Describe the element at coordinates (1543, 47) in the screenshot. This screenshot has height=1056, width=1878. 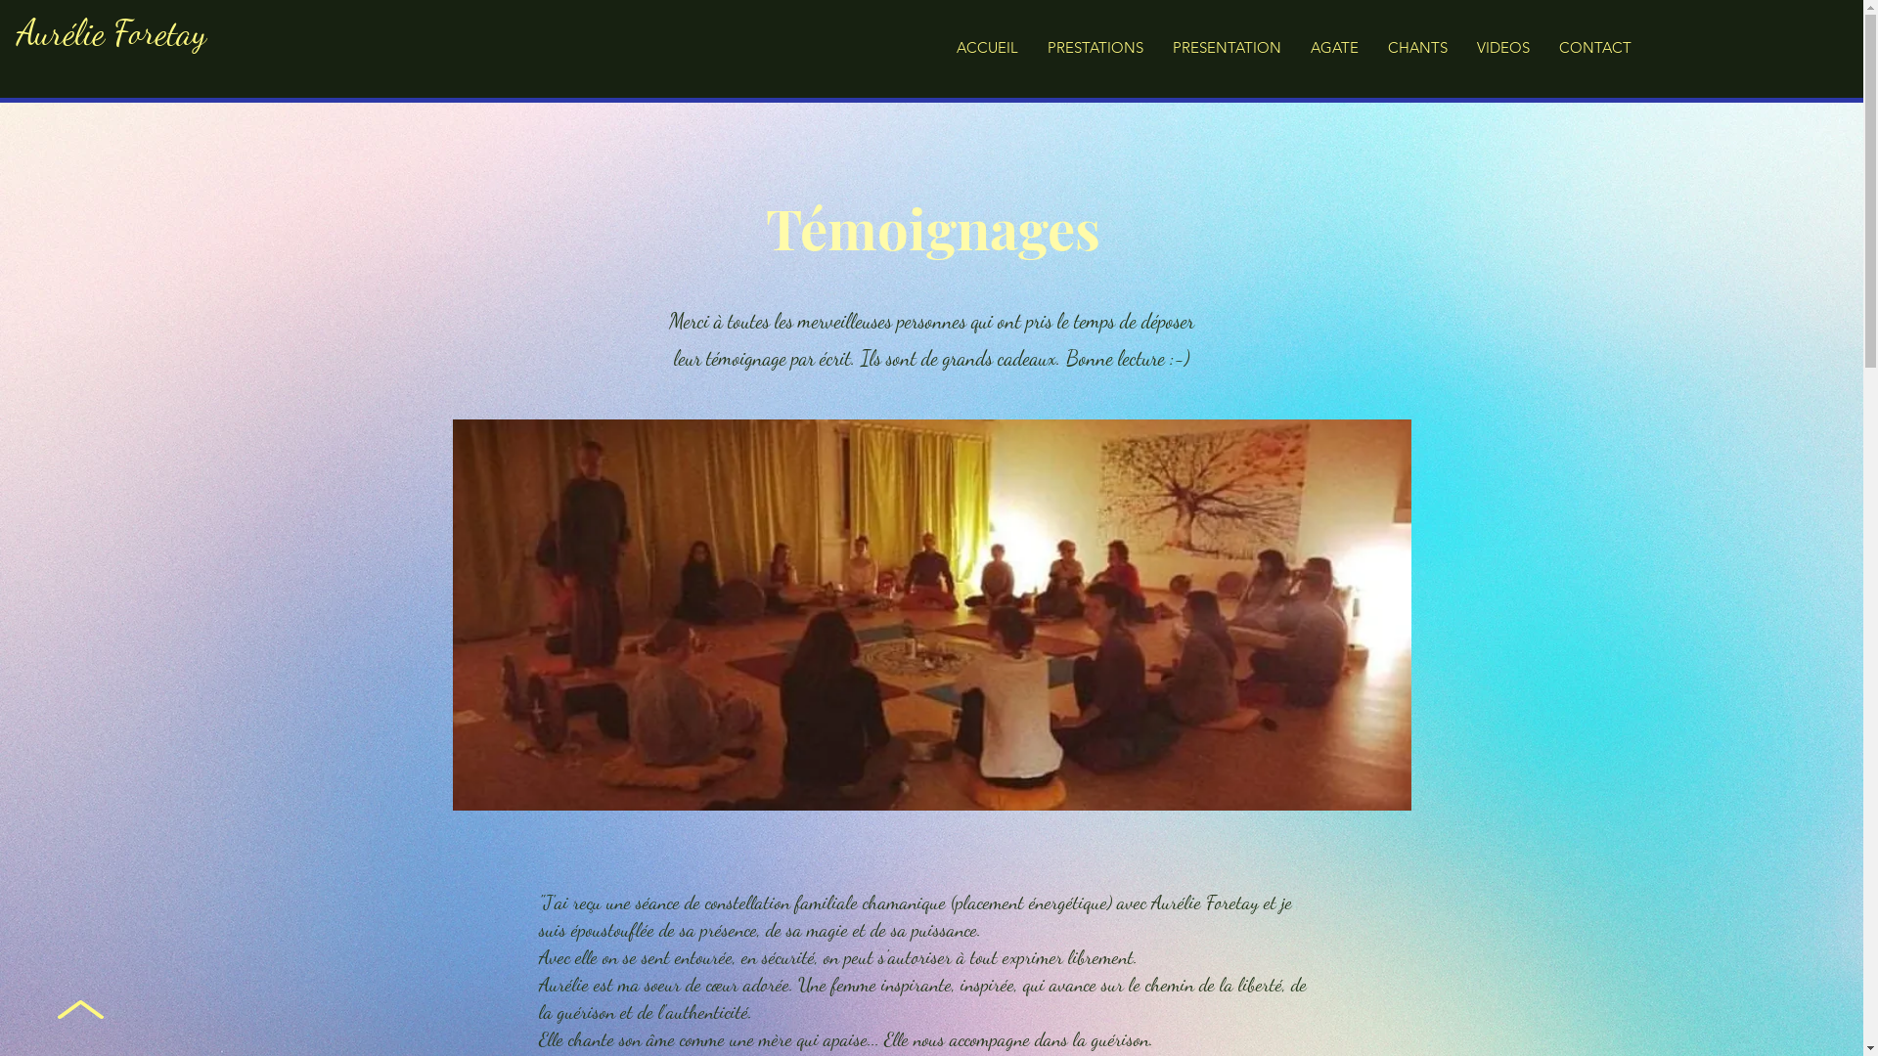
I see `'CONTACT'` at that location.